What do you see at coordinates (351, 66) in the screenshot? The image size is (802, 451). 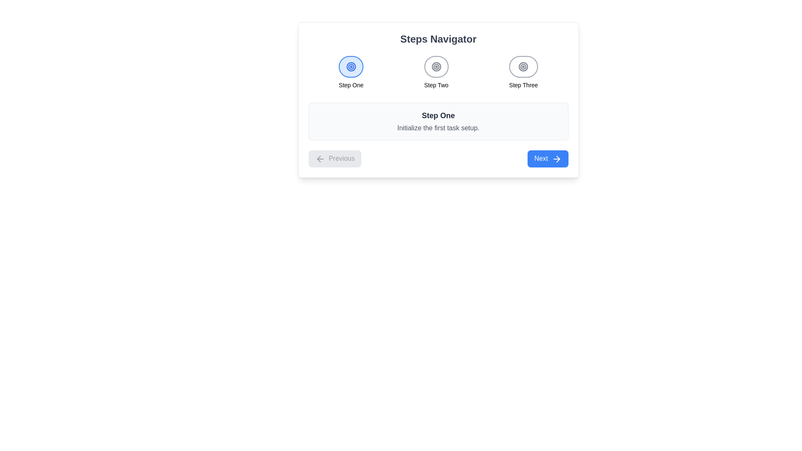 I see `on the 'Step One' interactive icon, which is a circular icon with concentric rings and a small dot at the center, located at the top center of the interface` at bounding box center [351, 66].